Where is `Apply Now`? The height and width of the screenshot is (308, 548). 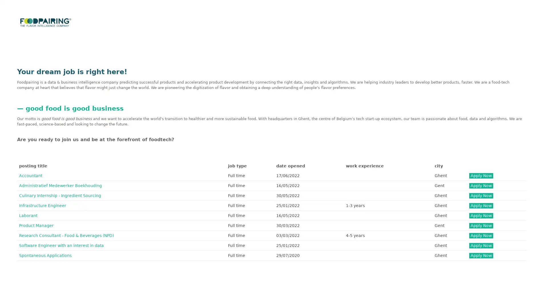 Apply Now is located at coordinates (480, 255).